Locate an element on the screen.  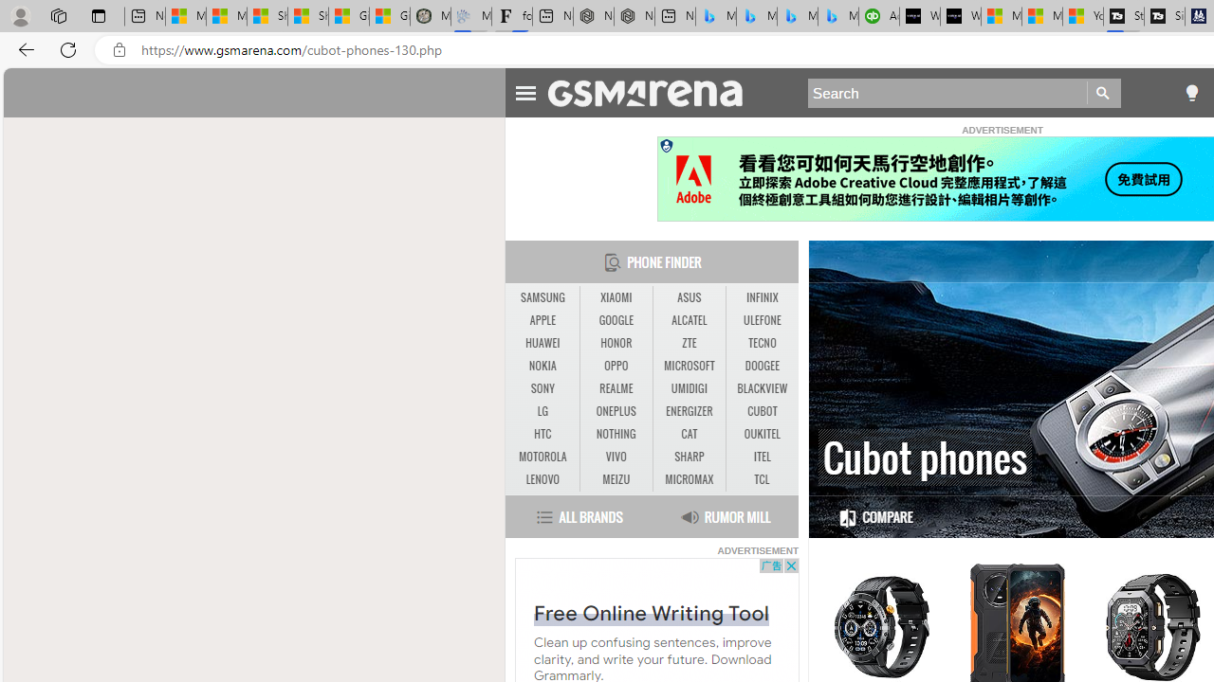
'OPPO' is located at coordinates (616, 366).